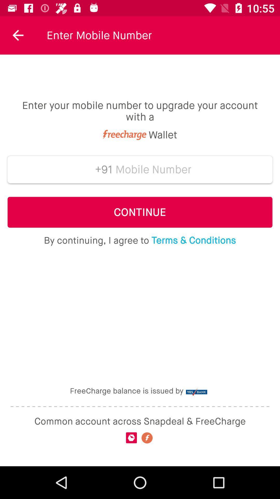 This screenshot has width=280, height=499. What do you see at coordinates (140, 212) in the screenshot?
I see `continue item` at bounding box center [140, 212].